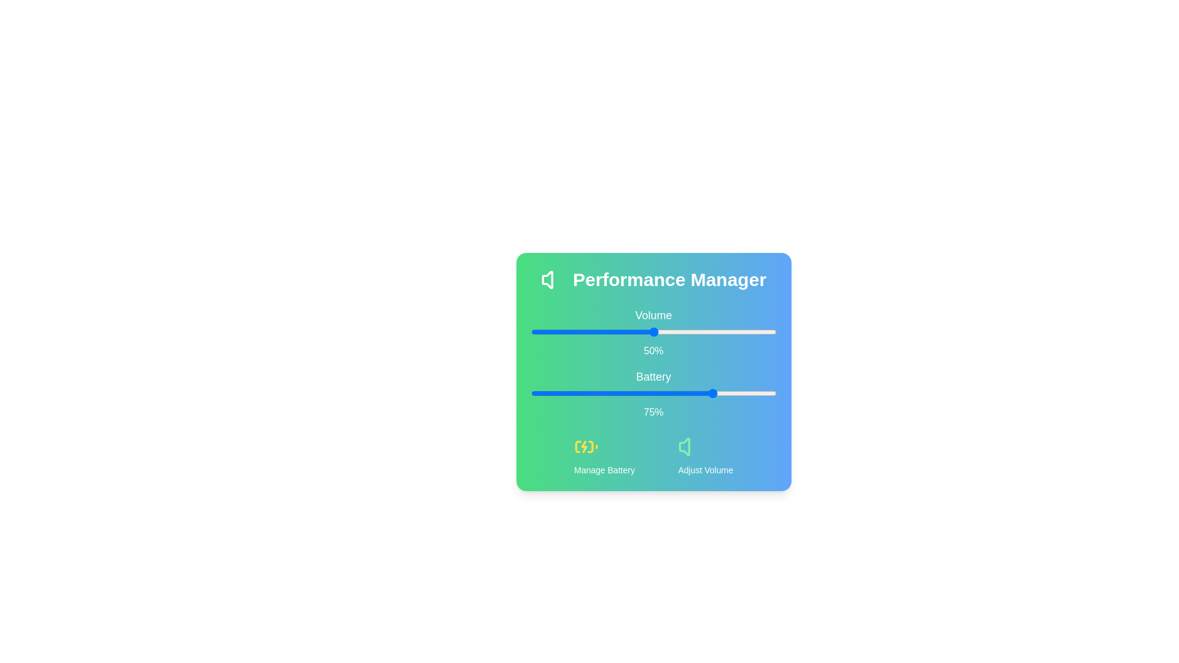 The width and height of the screenshot is (1179, 663). I want to click on the volume slider to 14%, so click(564, 331).